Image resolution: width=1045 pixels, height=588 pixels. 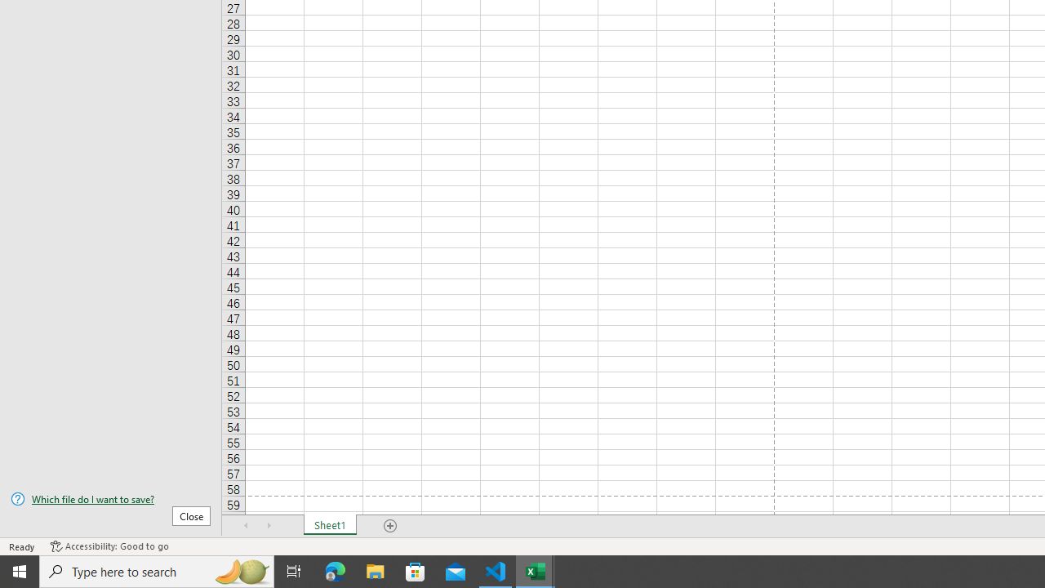 I want to click on 'Microsoft Store', so click(x=416, y=570).